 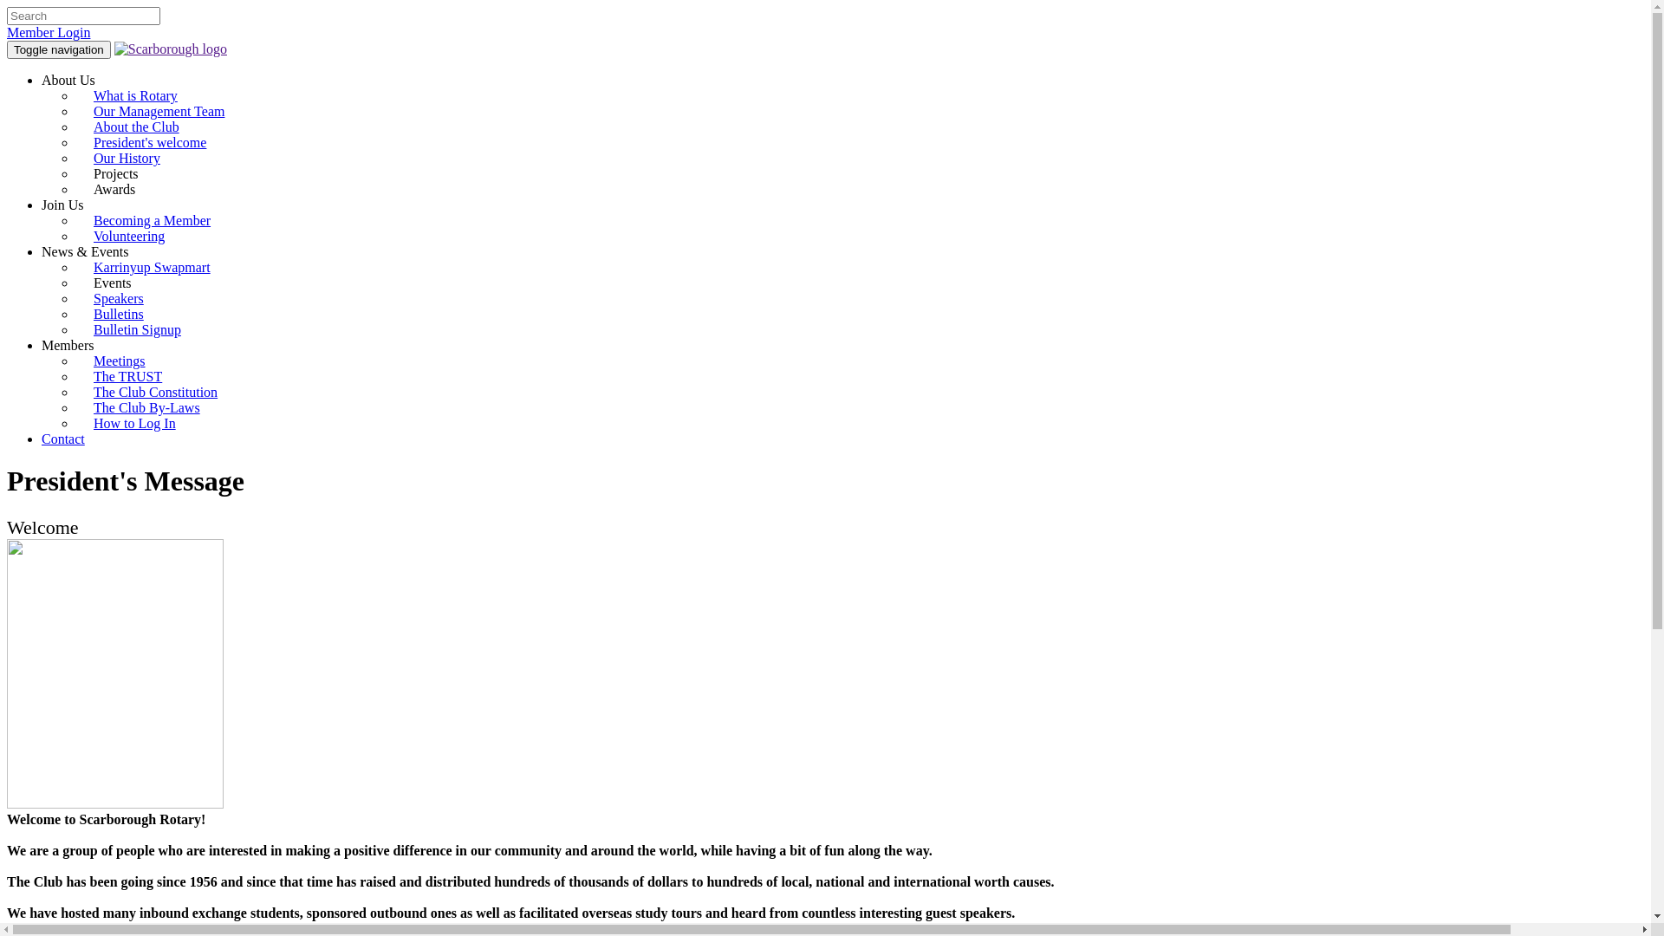 I want to click on 'Toggle navigation', so click(x=58, y=49).